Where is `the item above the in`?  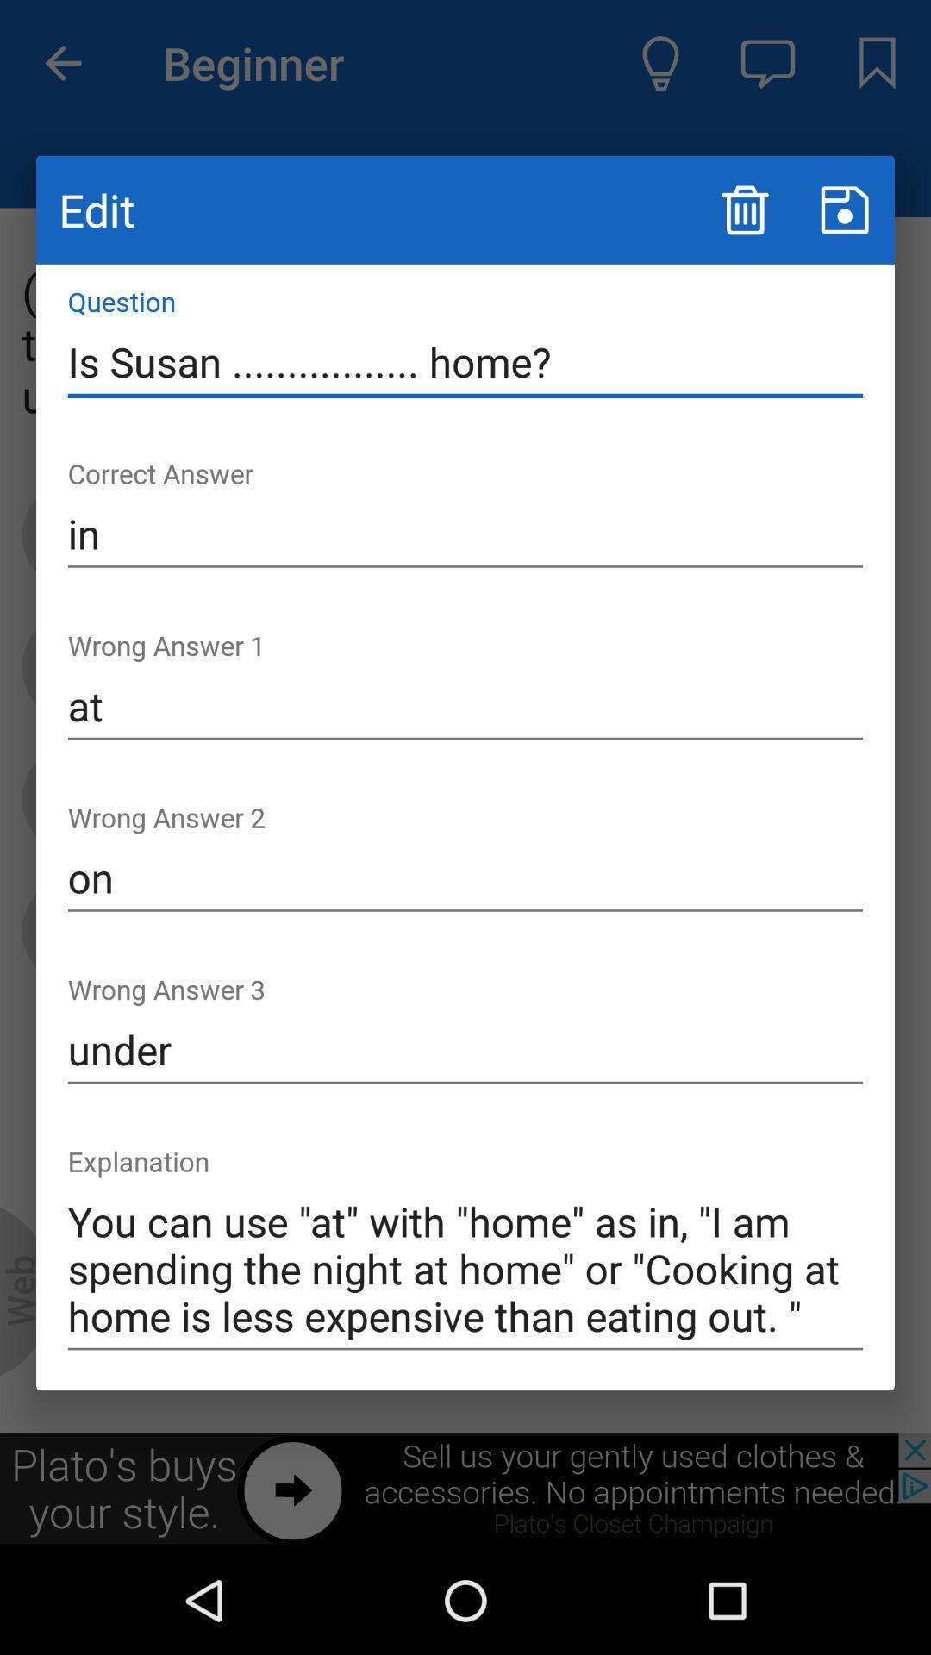
the item above the in is located at coordinates (465, 361).